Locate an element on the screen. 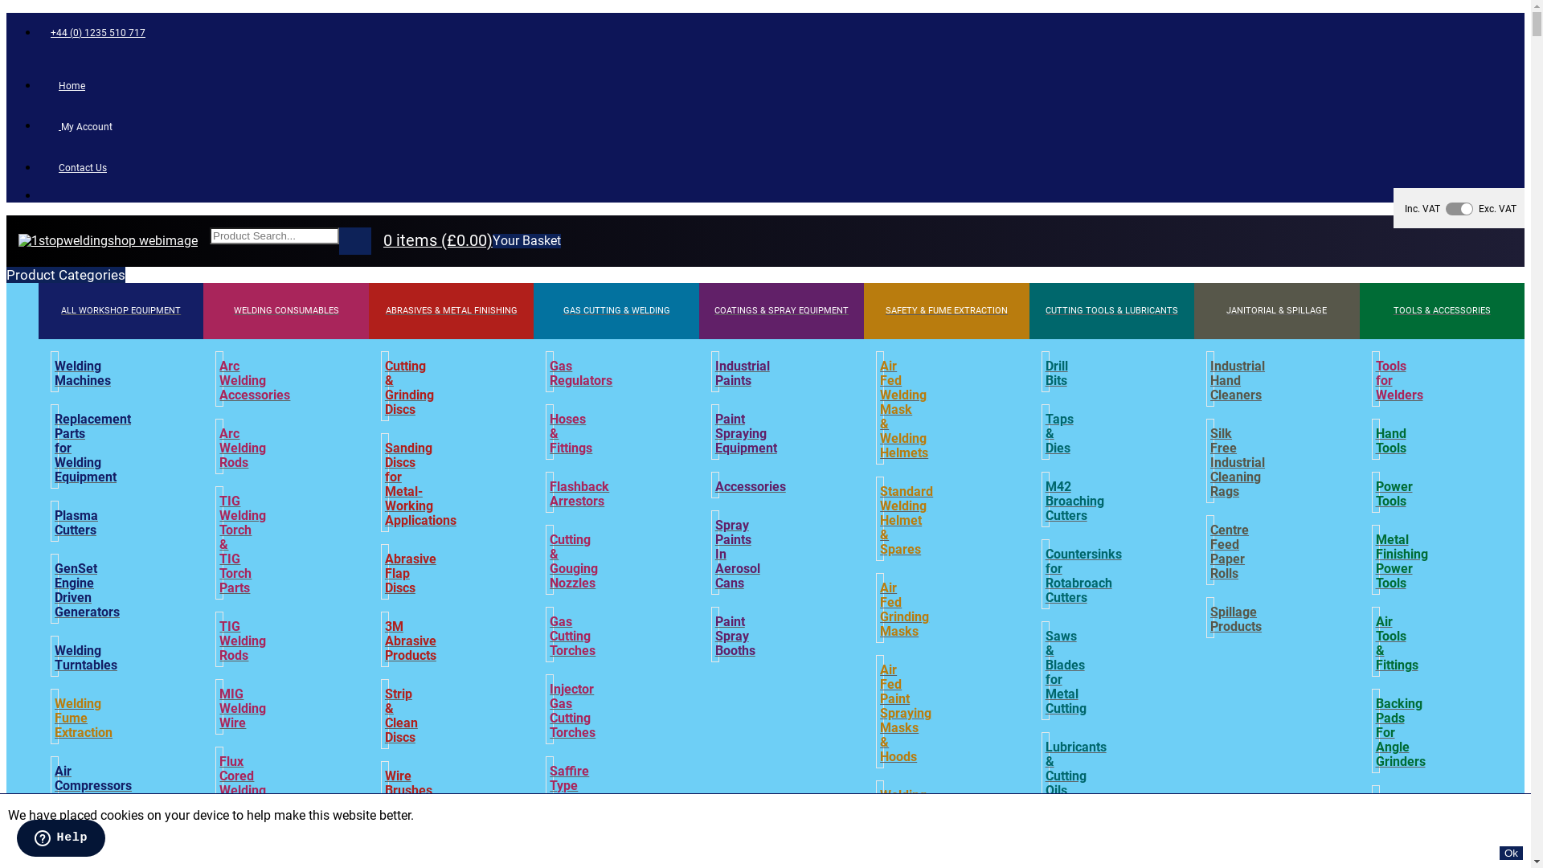  'JANITORIAL & SPILLAGE' is located at coordinates (1275, 310).